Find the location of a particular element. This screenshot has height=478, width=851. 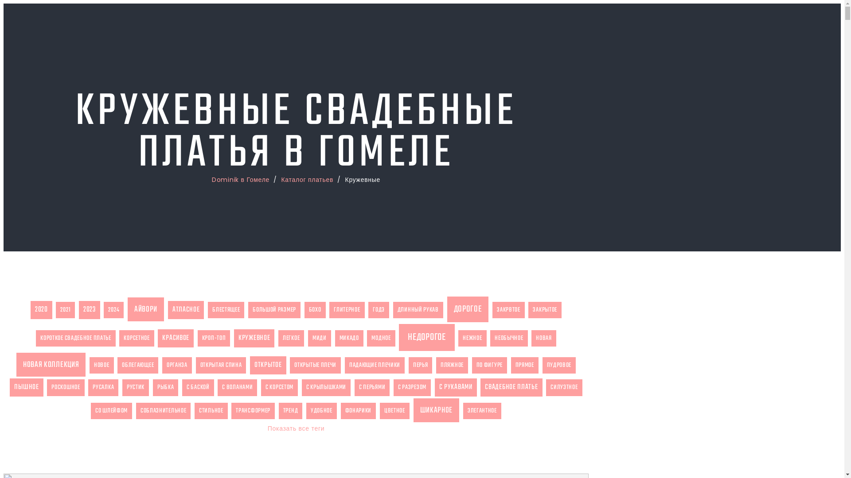

'2020' is located at coordinates (41, 309).